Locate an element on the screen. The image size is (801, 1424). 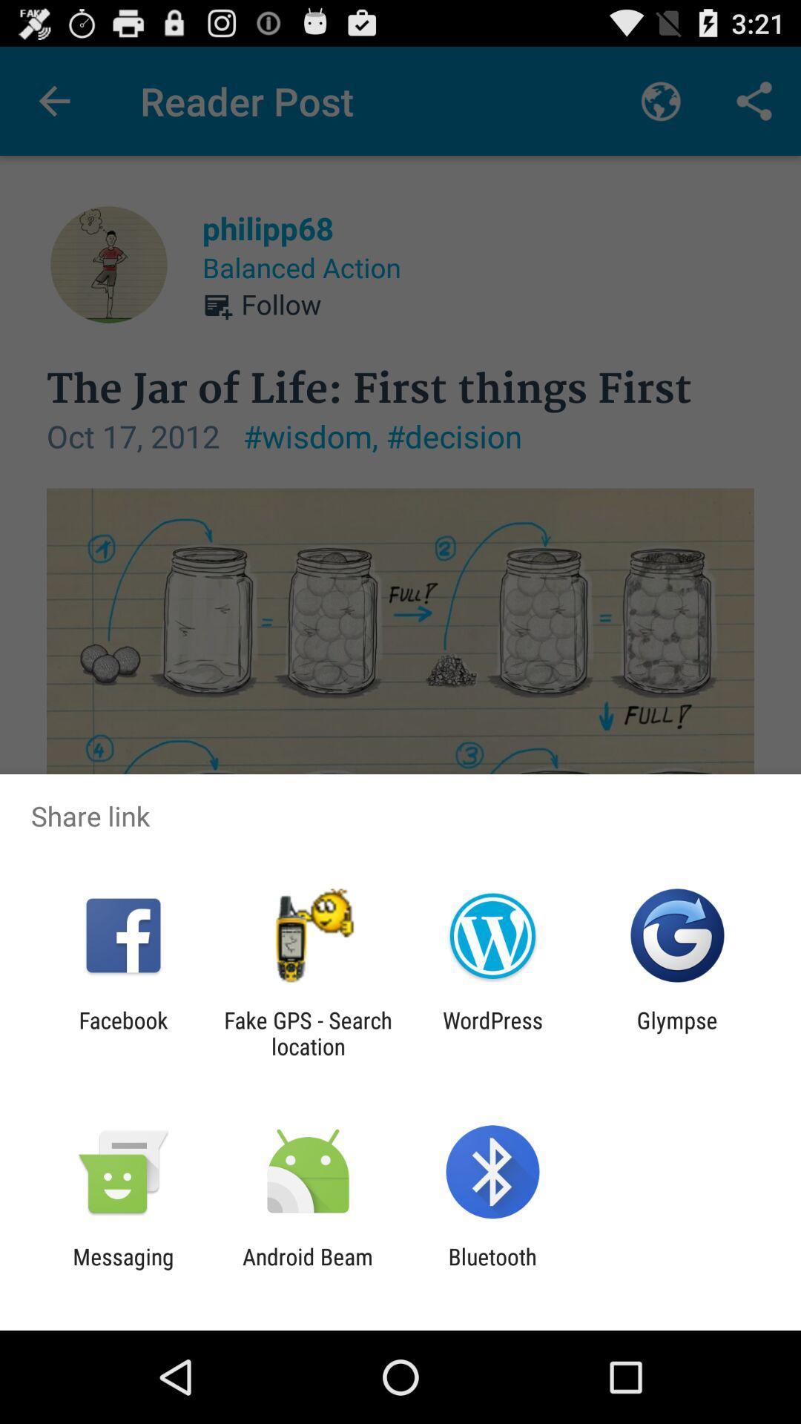
messaging app is located at coordinates (122, 1269).